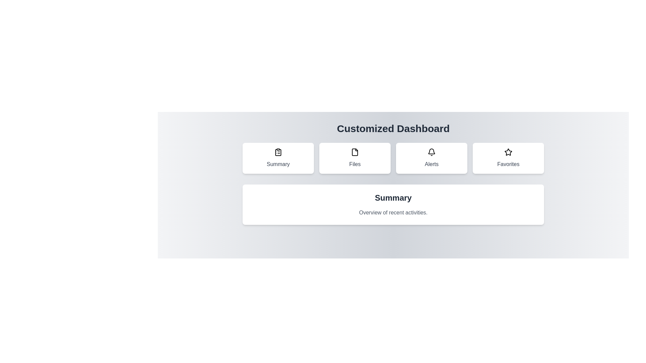 This screenshot has height=363, width=646. What do you see at coordinates (431, 158) in the screenshot?
I see `the third interactive card in the grid under the 'Customized Dashboard' header` at bounding box center [431, 158].